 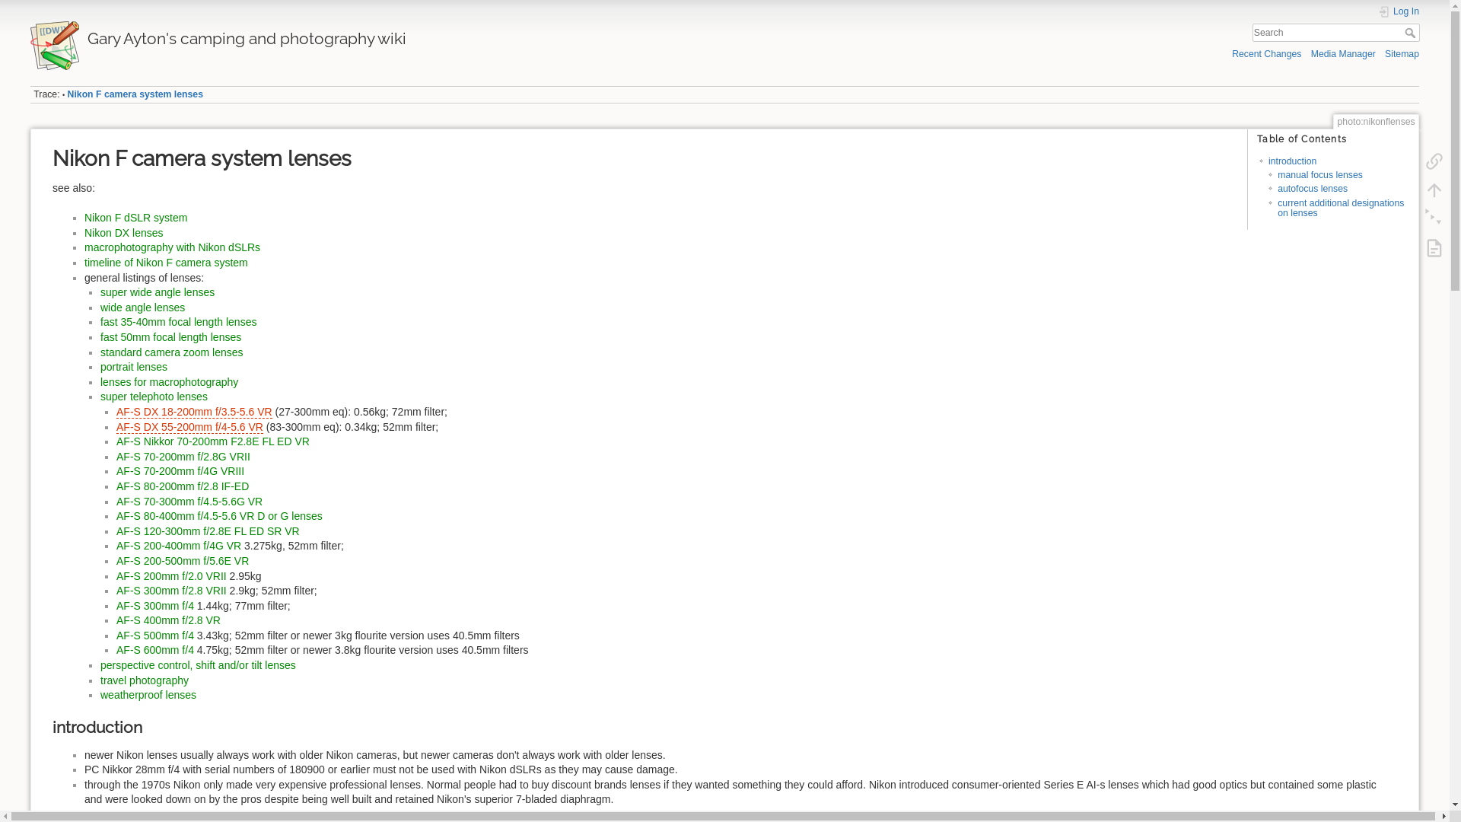 I want to click on 'AF-S 70-300mm f/4.5-5.6G VR', so click(x=189, y=502).